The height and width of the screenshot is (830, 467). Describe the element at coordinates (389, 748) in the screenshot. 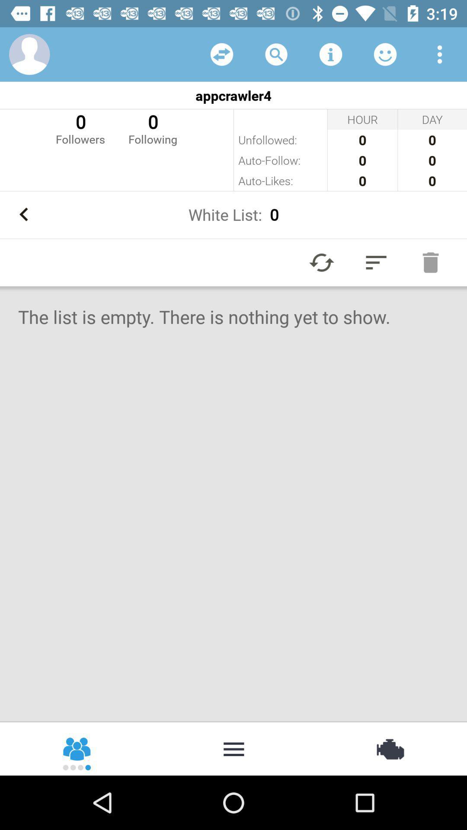

I see `the explore icon` at that location.